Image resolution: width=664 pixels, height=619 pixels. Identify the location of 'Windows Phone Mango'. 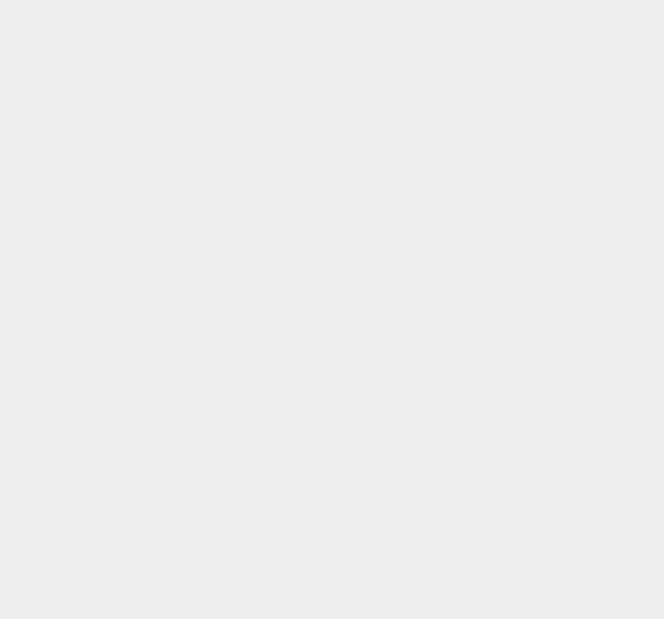
(512, 5).